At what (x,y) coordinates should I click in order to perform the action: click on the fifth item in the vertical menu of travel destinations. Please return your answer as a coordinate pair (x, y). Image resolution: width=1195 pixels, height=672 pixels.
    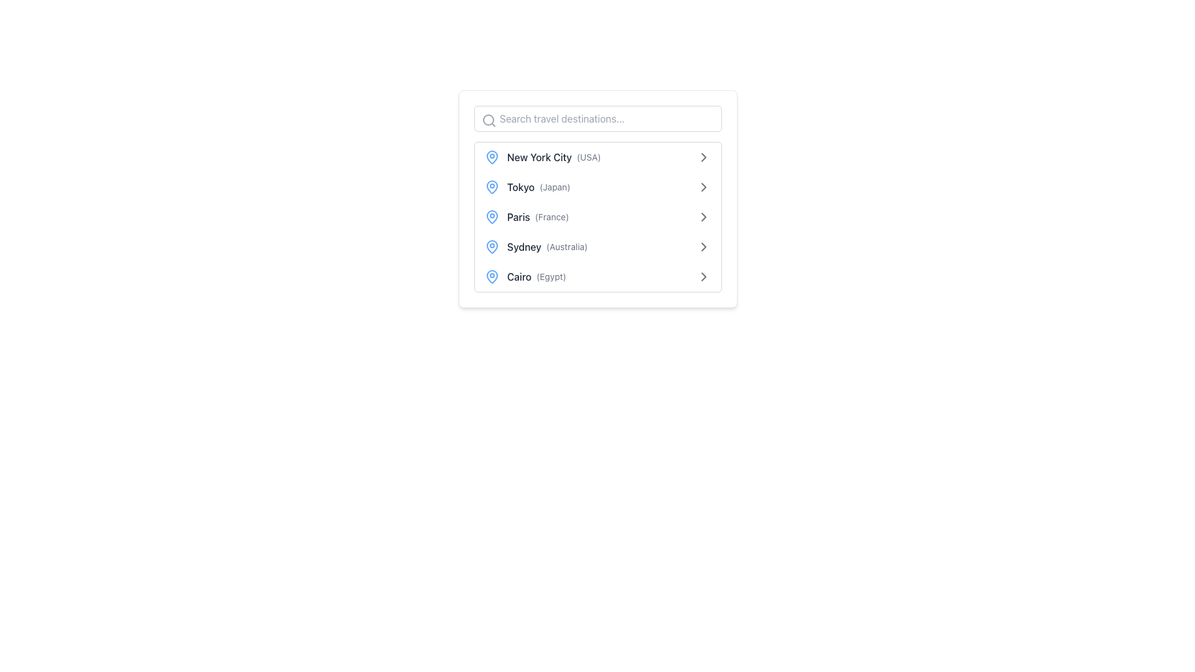
    Looking at the image, I should click on (597, 276).